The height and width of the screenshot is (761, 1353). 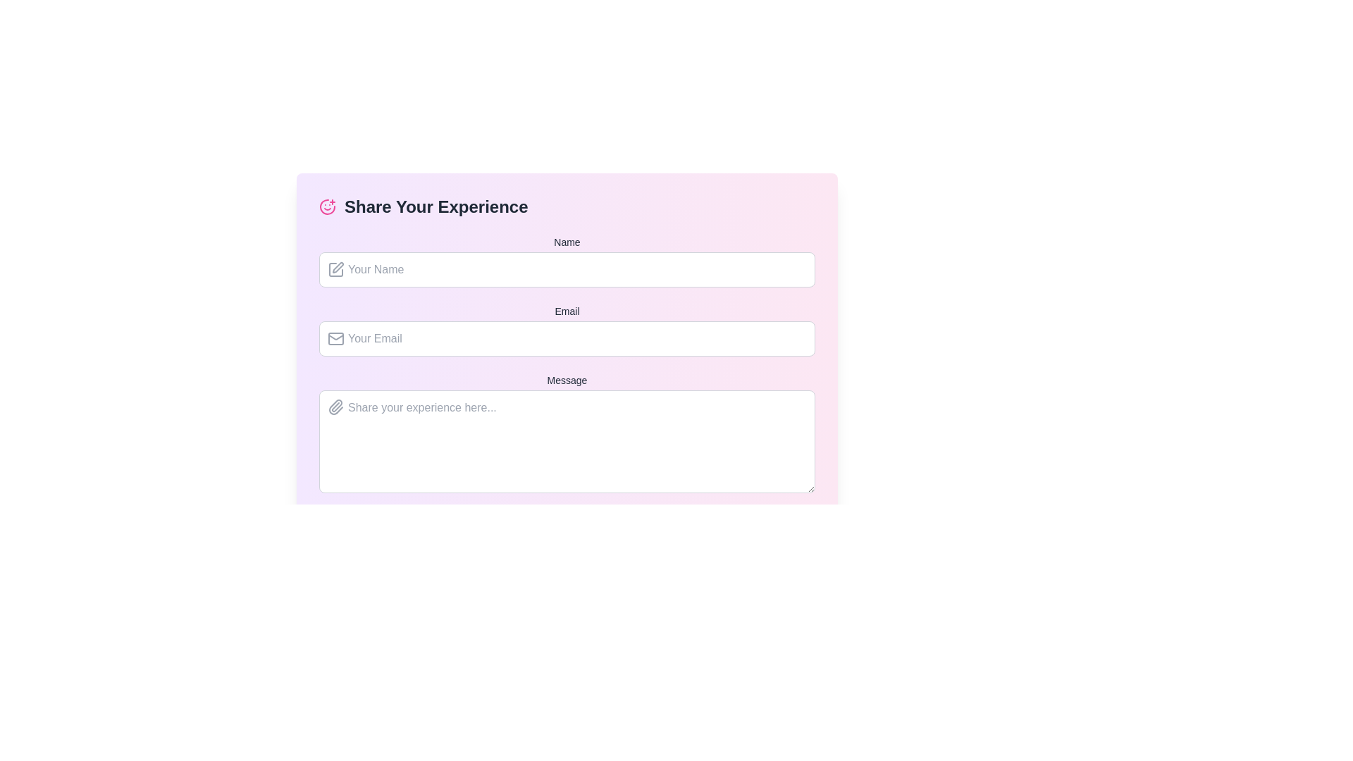 I want to click on the 'Name' label, which is styled in a lowercase sans-serif font, bold, and located above the first input field in the form, so click(x=567, y=241).